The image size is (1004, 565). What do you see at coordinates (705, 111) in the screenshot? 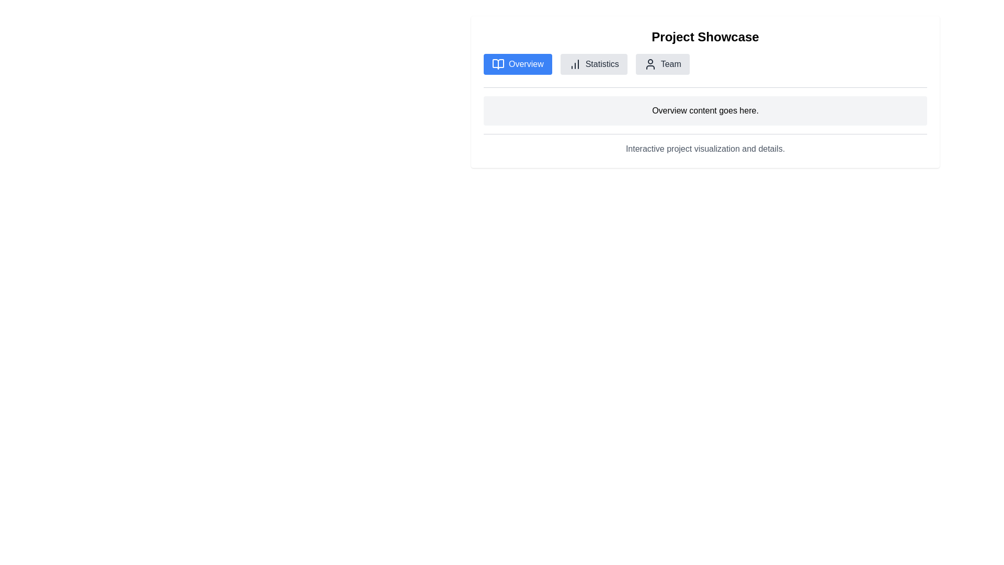
I see `the content display box with a light gray background and rounded corners that contains the text 'Overview content goes here.'` at bounding box center [705, 111].